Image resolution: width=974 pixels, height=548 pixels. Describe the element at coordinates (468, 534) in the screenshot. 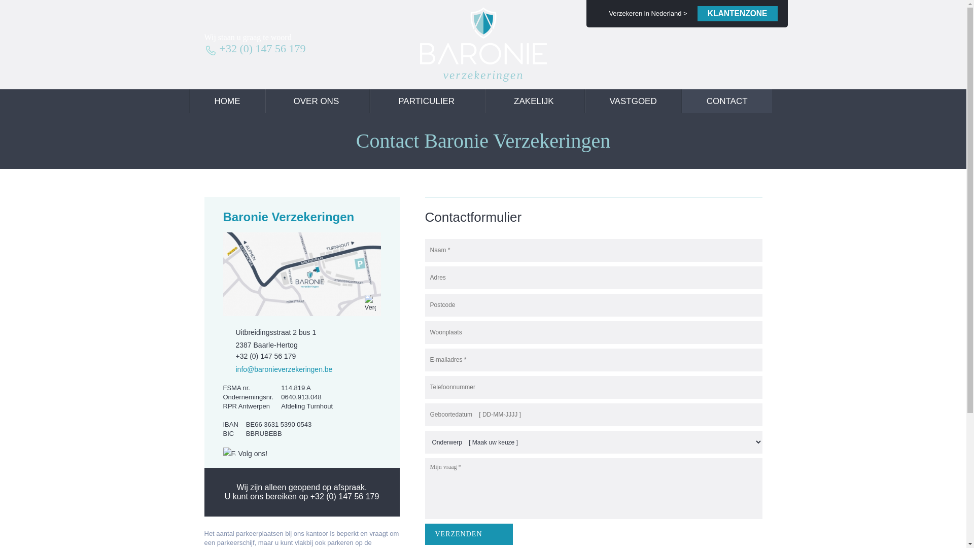

I see `'Verzenden'` at that location.